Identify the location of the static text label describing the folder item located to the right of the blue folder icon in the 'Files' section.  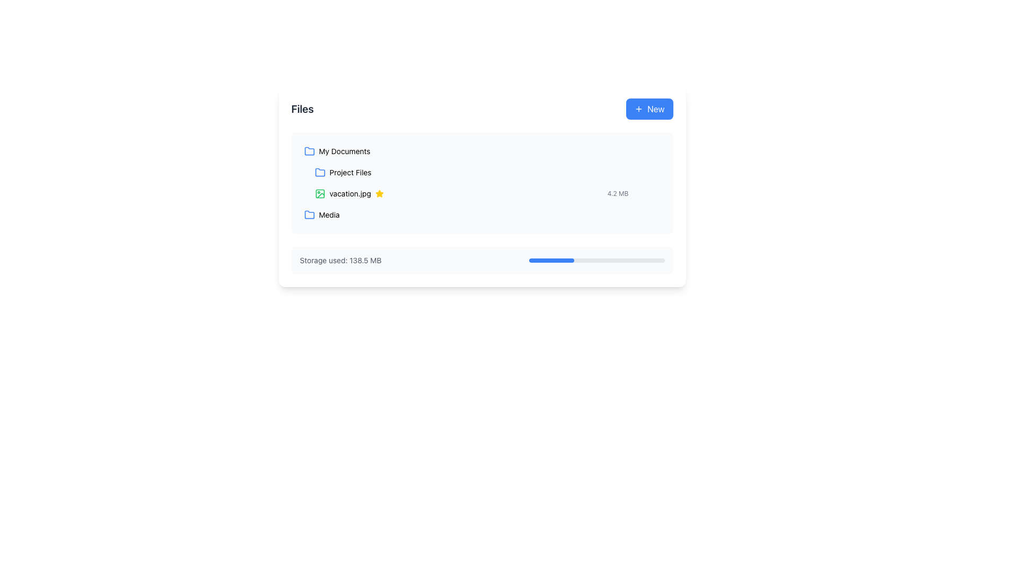
(345, 151).